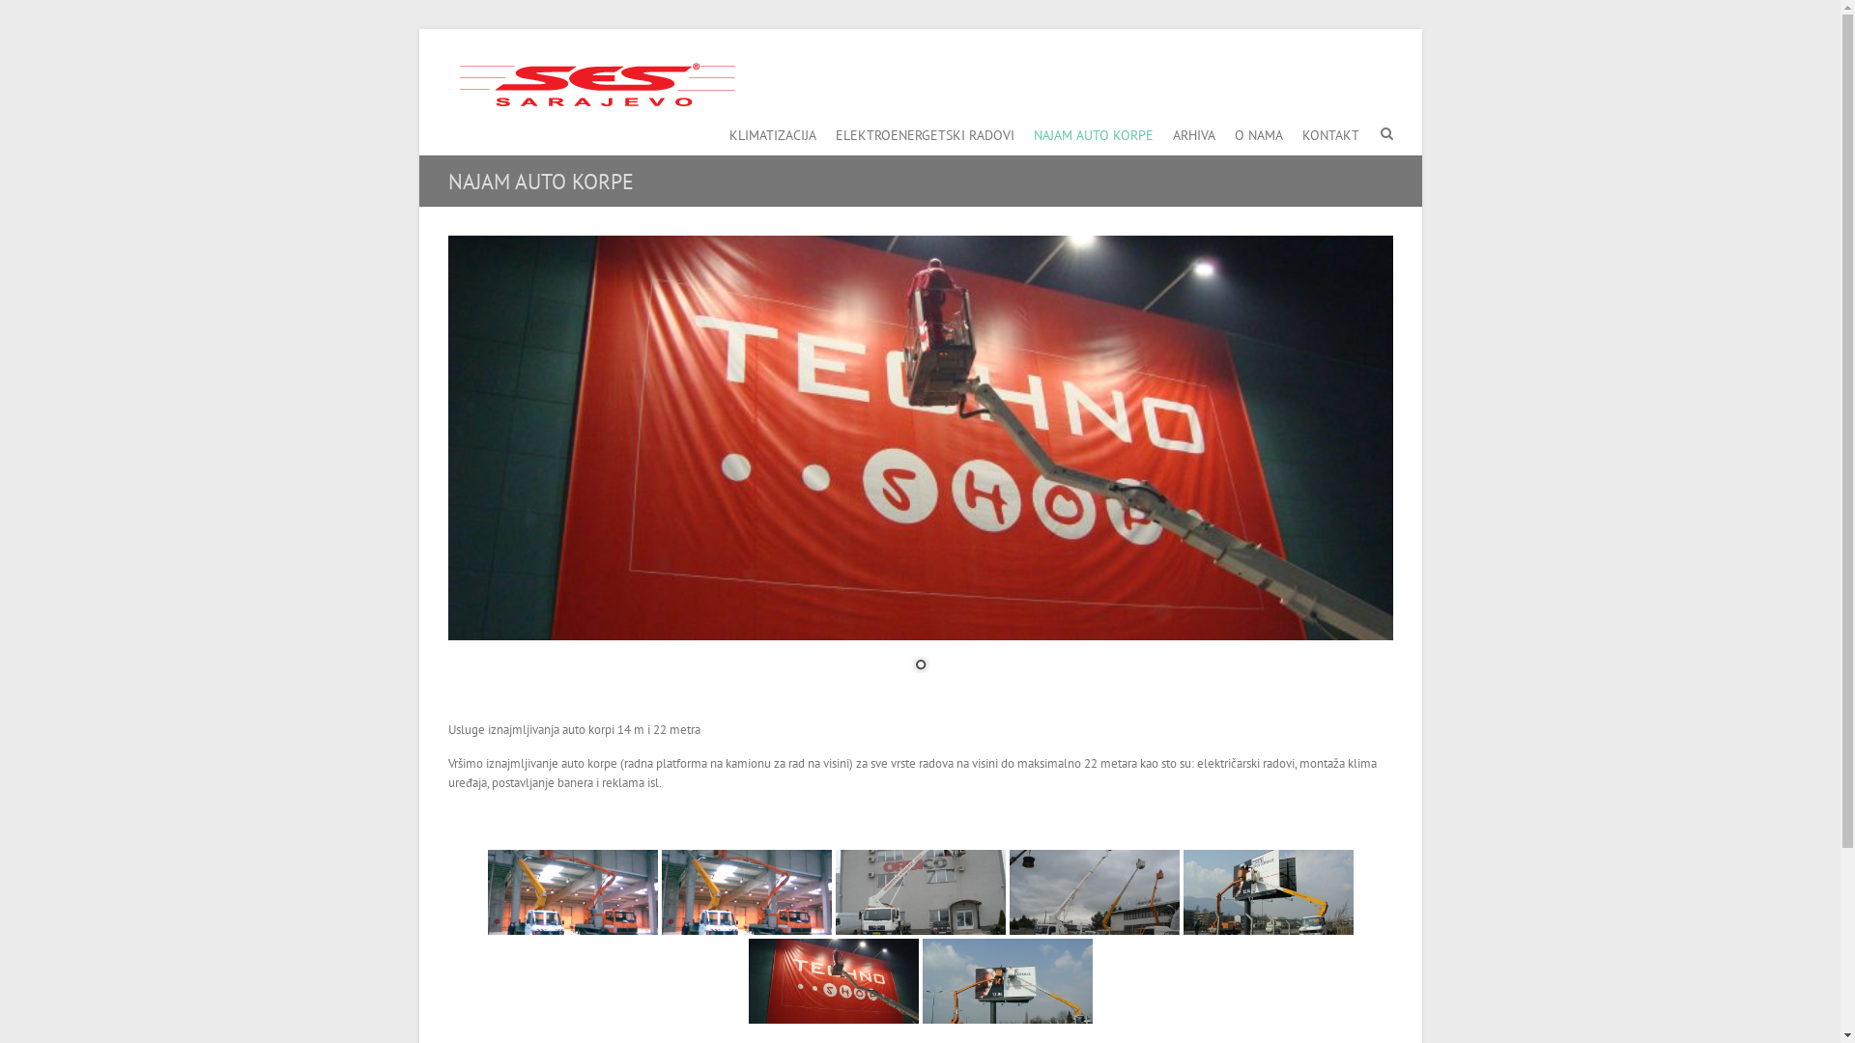 The width and height of the screenshot is (1855, 1043). Describe the element at coordinates (1258, 130) in the screenshot. I see `'O NAMA'` at that location.